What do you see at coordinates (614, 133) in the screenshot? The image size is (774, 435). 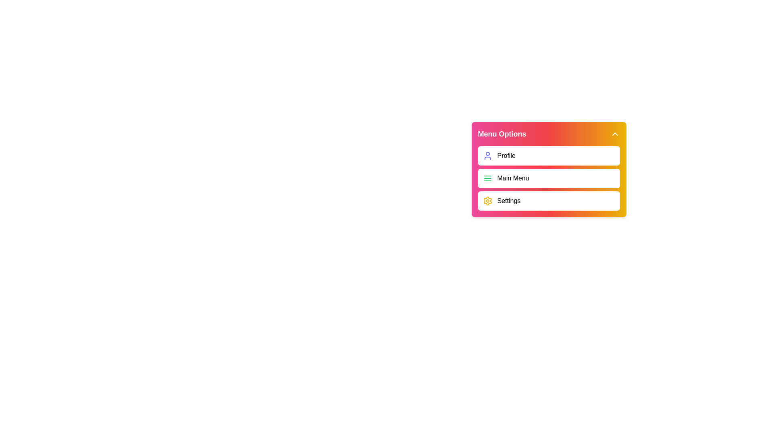 I see `the dropdown button to toggle the menu's visibility` at bounding box center [614, 133].